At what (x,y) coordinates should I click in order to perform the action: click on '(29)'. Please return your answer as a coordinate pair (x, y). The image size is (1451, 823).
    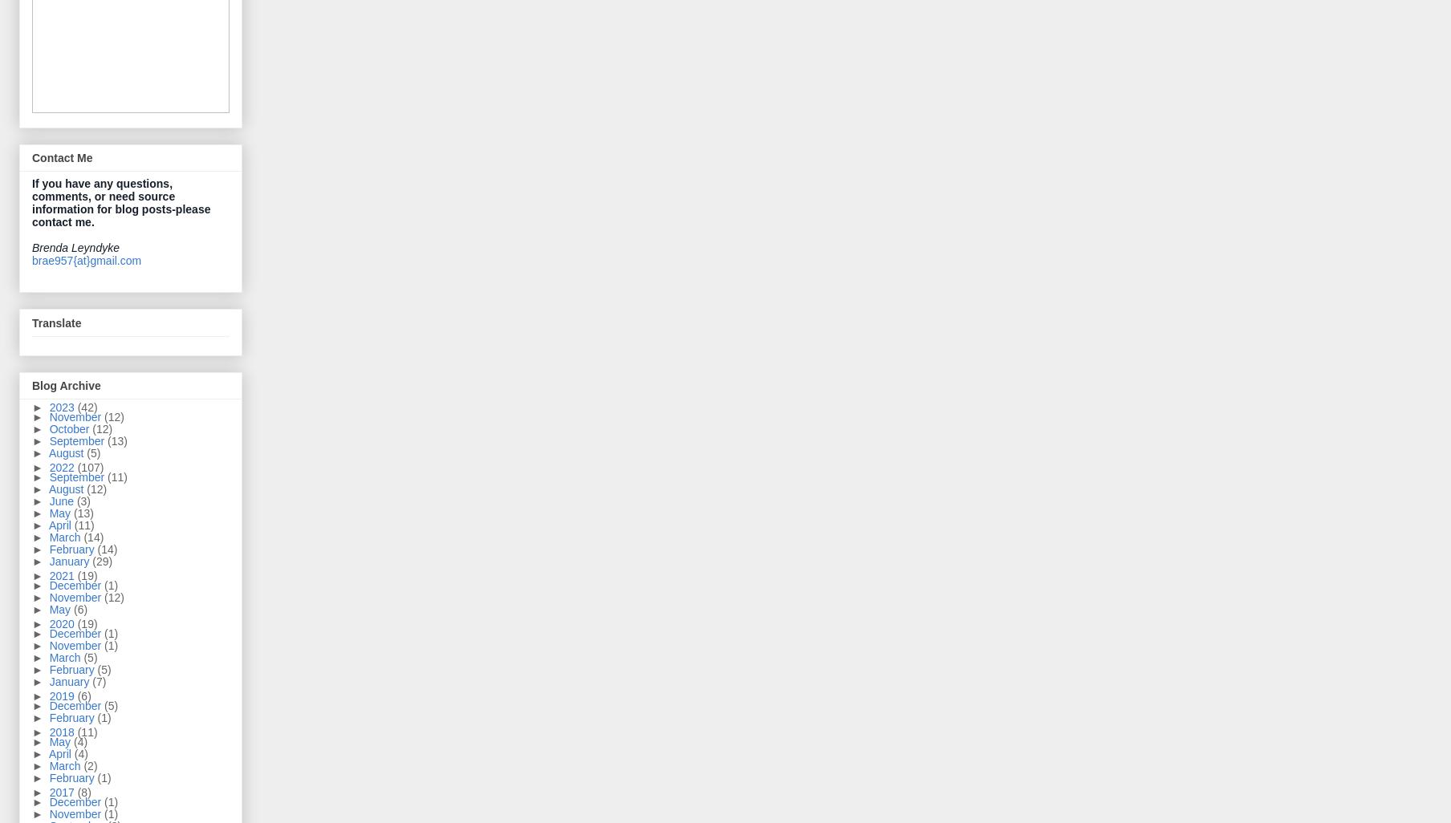
    Looking at the image, I should click on (101, 560).